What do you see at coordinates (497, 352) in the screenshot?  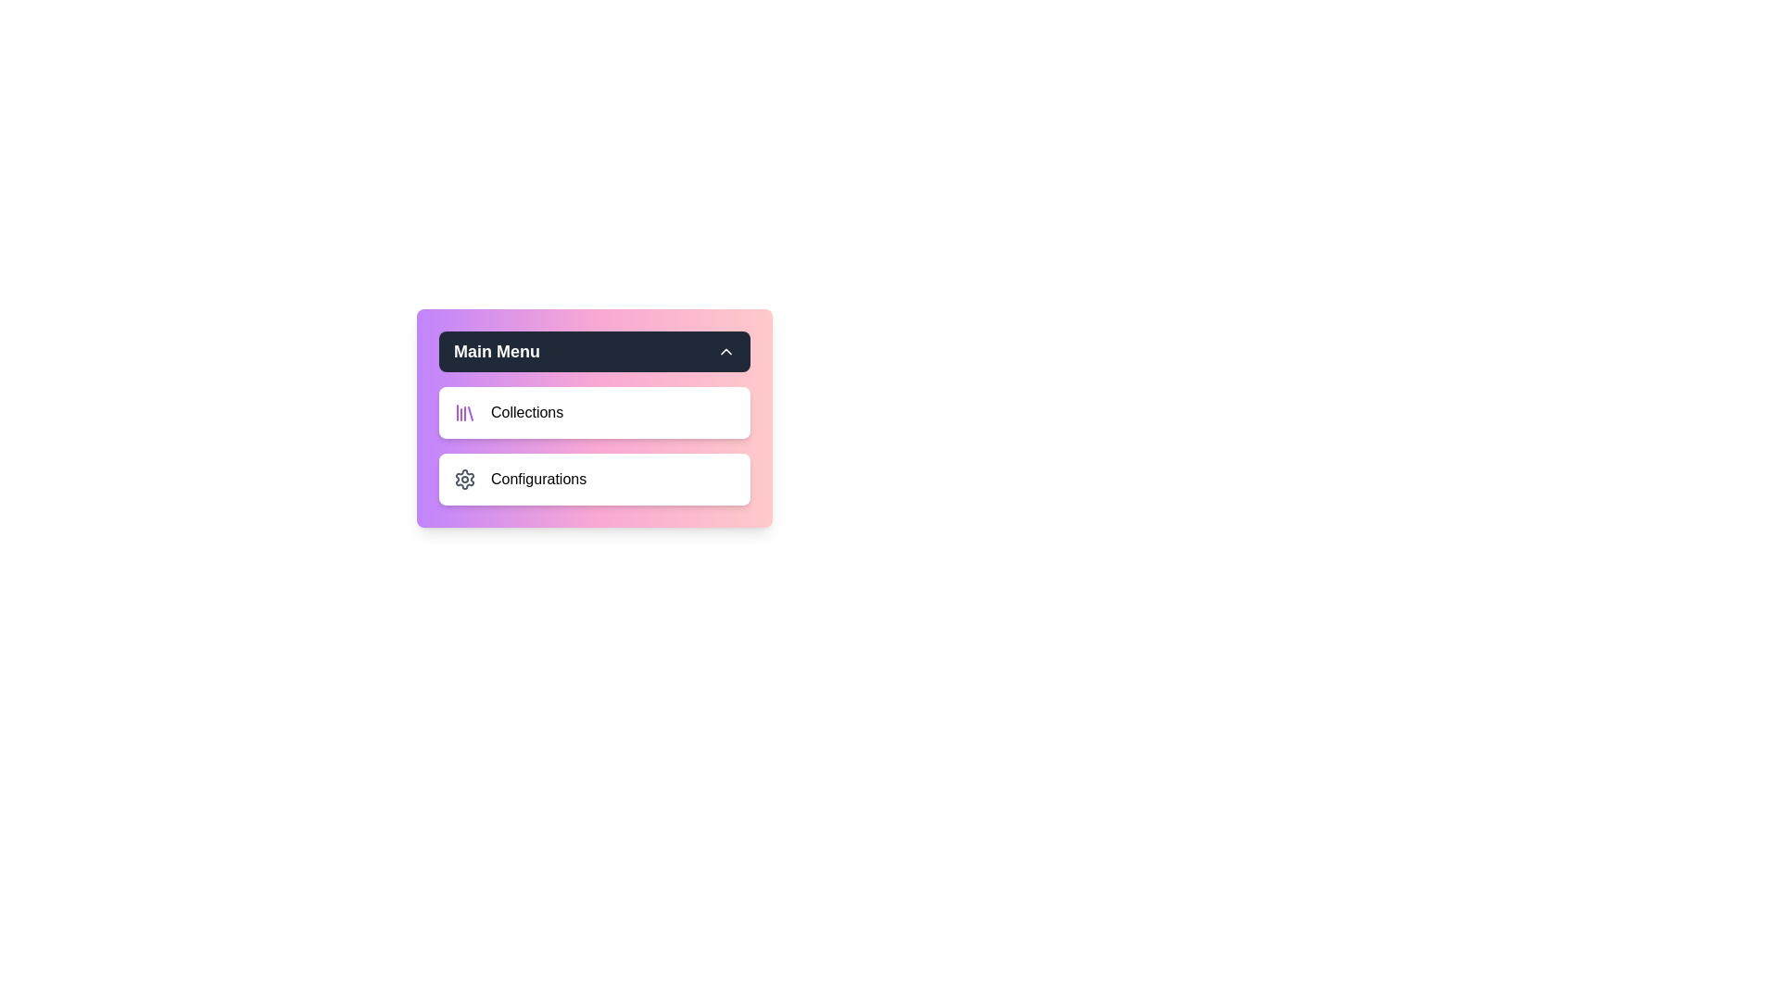 I see `the 'Main Menu' static text label, which is styled in white bold uppercase letters on a dark rectangular background, located at the top-left corner of a button within a vertically stacked menu panel` at bounding box center [497, 352].